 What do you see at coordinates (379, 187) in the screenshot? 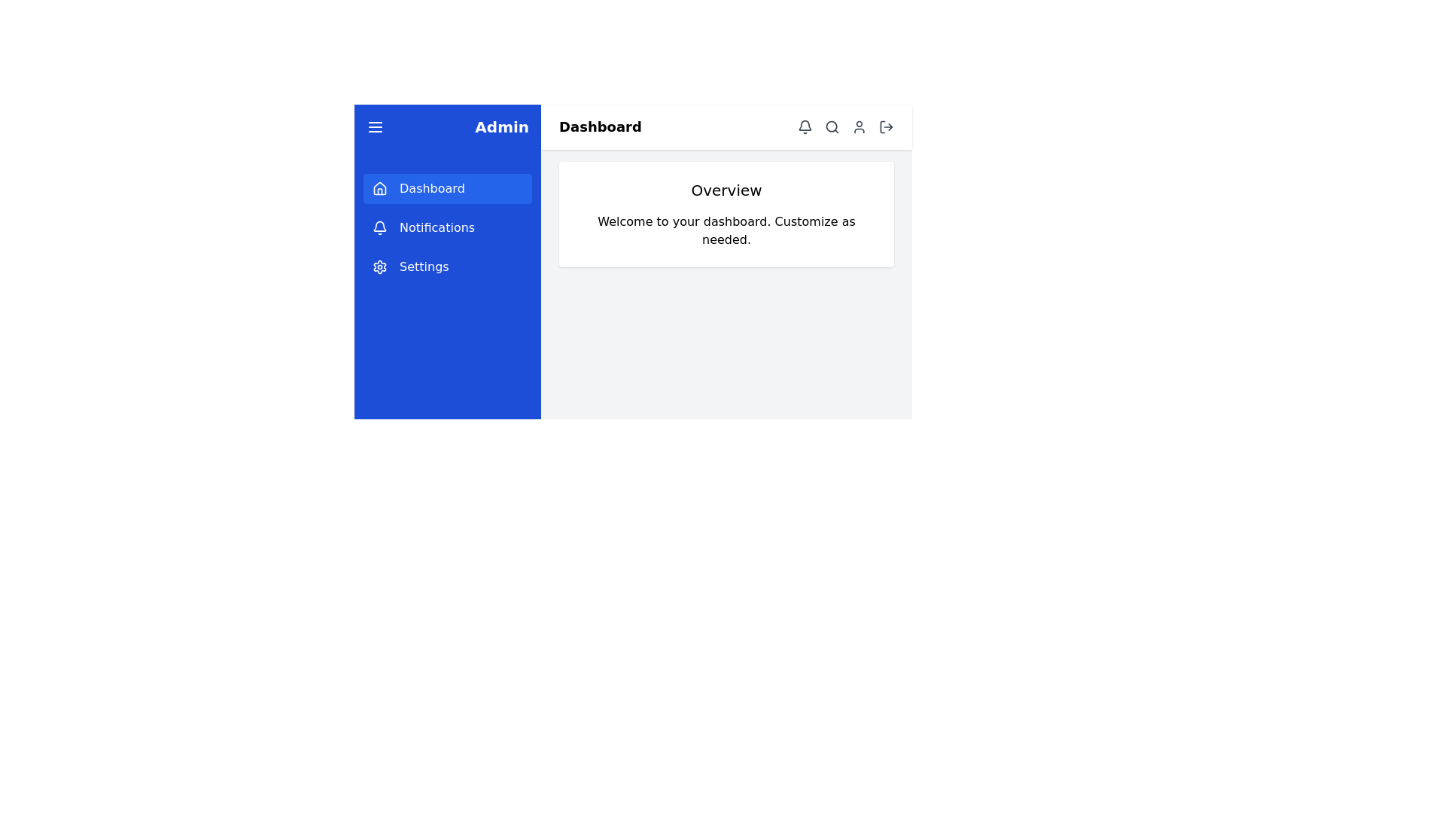
I see `the blue-highlighted navigation button labeled 'Dashboard'` at bounding box center [379, 187].